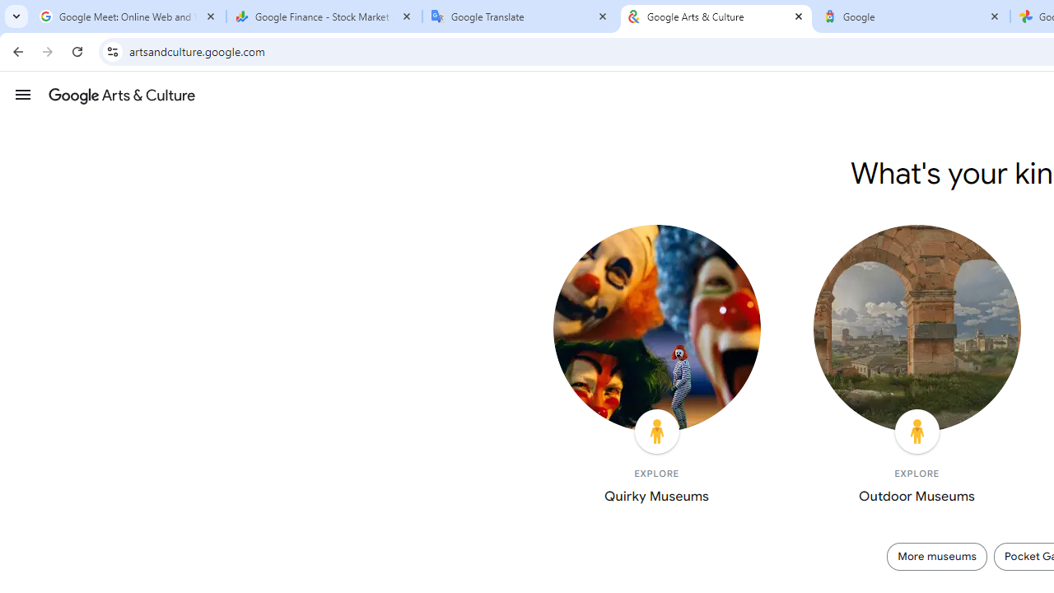  What do you see at coordinates (716, 16) in the screenshot?
I see `'Google Arts & Culture'` at bounding box center [716, 16].